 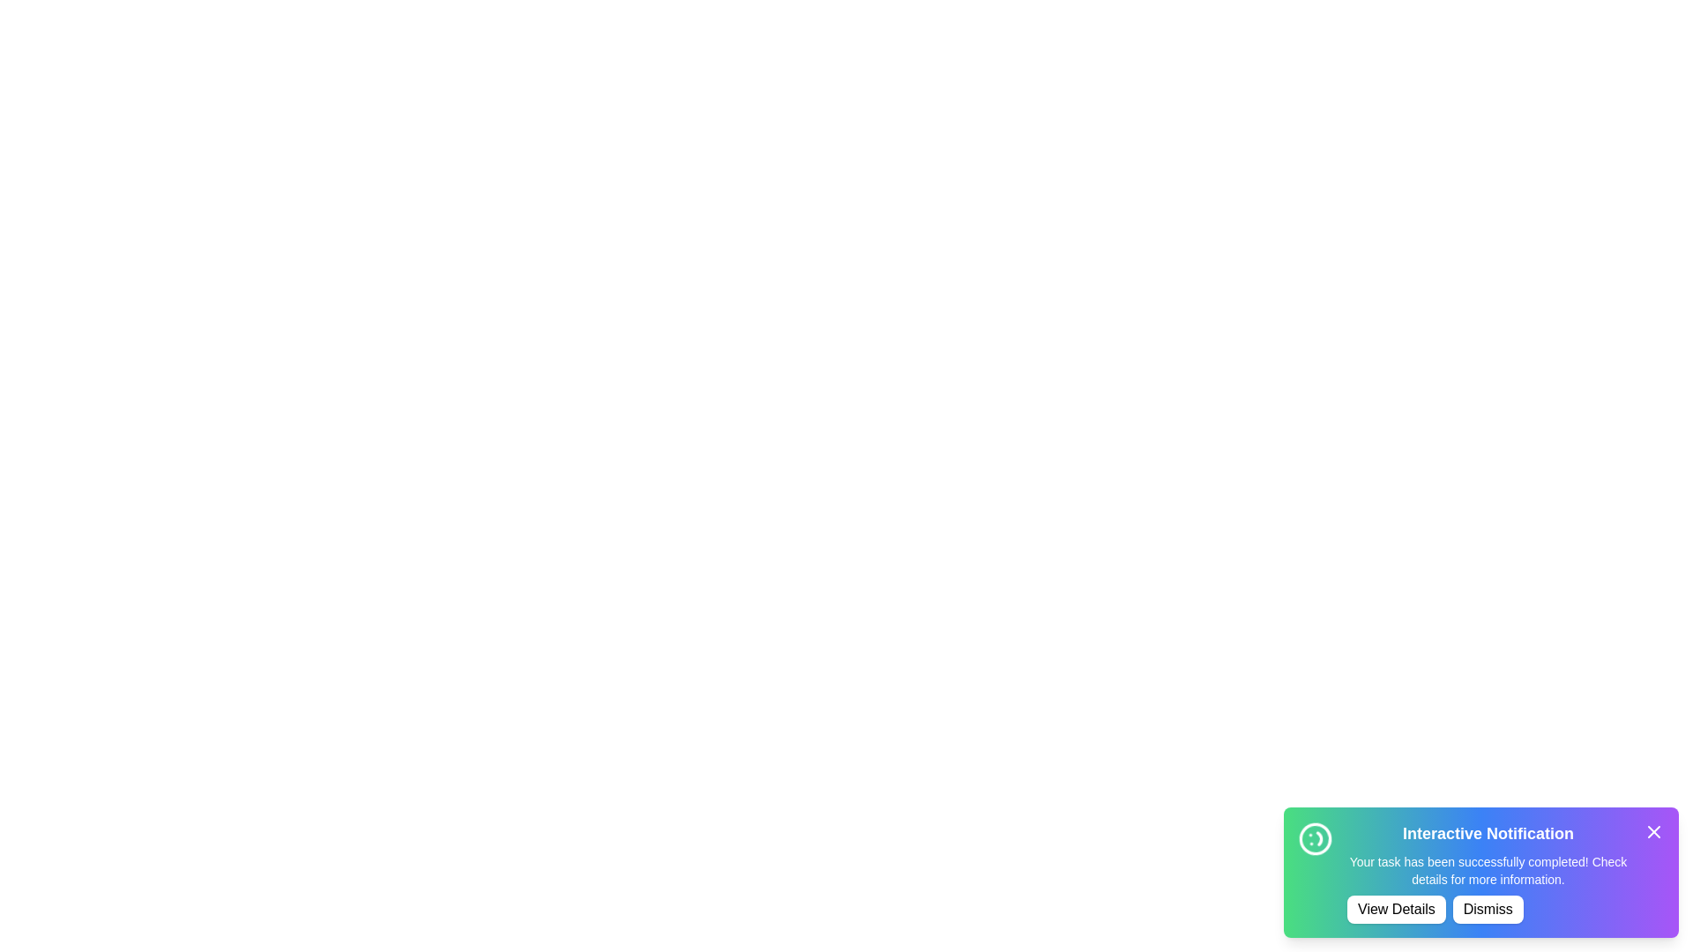 What do you see at coordinates (1653, 832) in the screenshot?
I see `the close icon (X) of the snackbar to hide it` at bounding box center [1653, 832].